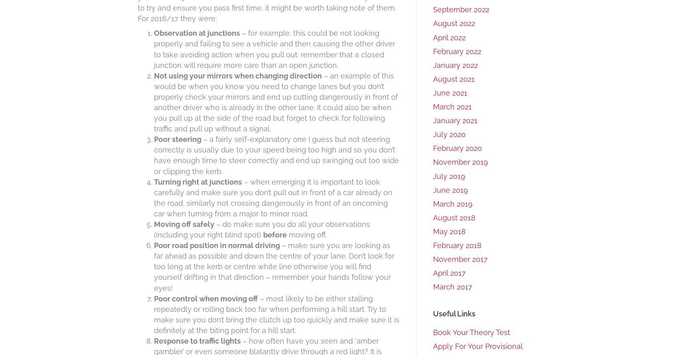  Describe the element at coordinates (455, 65) in the screenshot. I see `'January 2022'` at that location.